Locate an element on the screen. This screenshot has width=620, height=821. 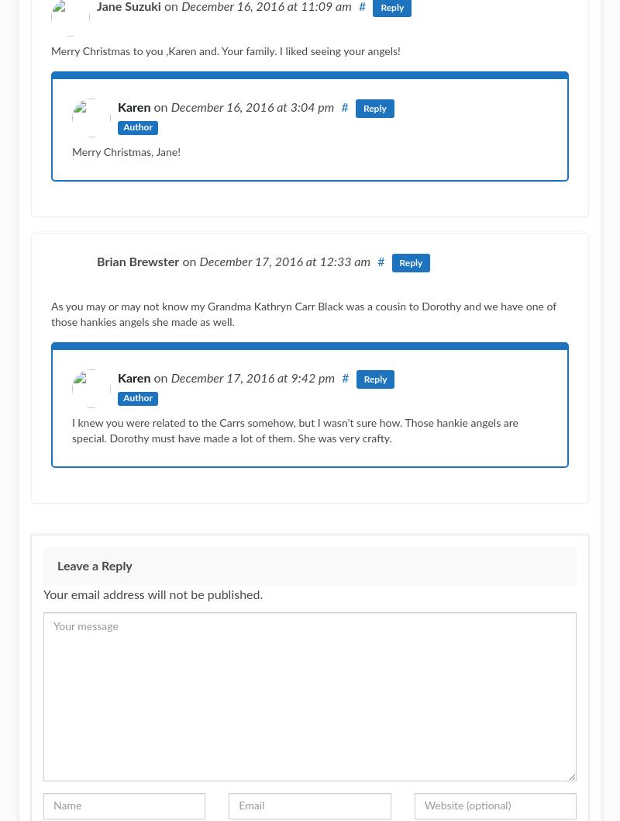
'Jane Suzuki' is located at coordinates (129, 6).